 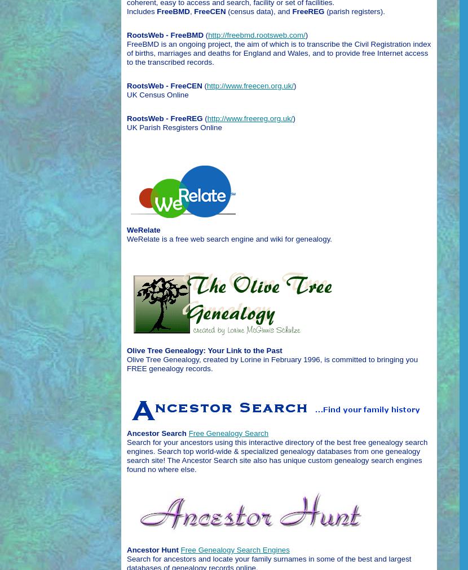 I want to click on 'Search for your ancestors using this interactive directory of the best free genealogy search engines. Search top world-wide & specialized genealogy databases from one genealogy search site! The Ancestor Search site also has unique custom genealogy search engines found no where else.', so click(x=276, y=455).